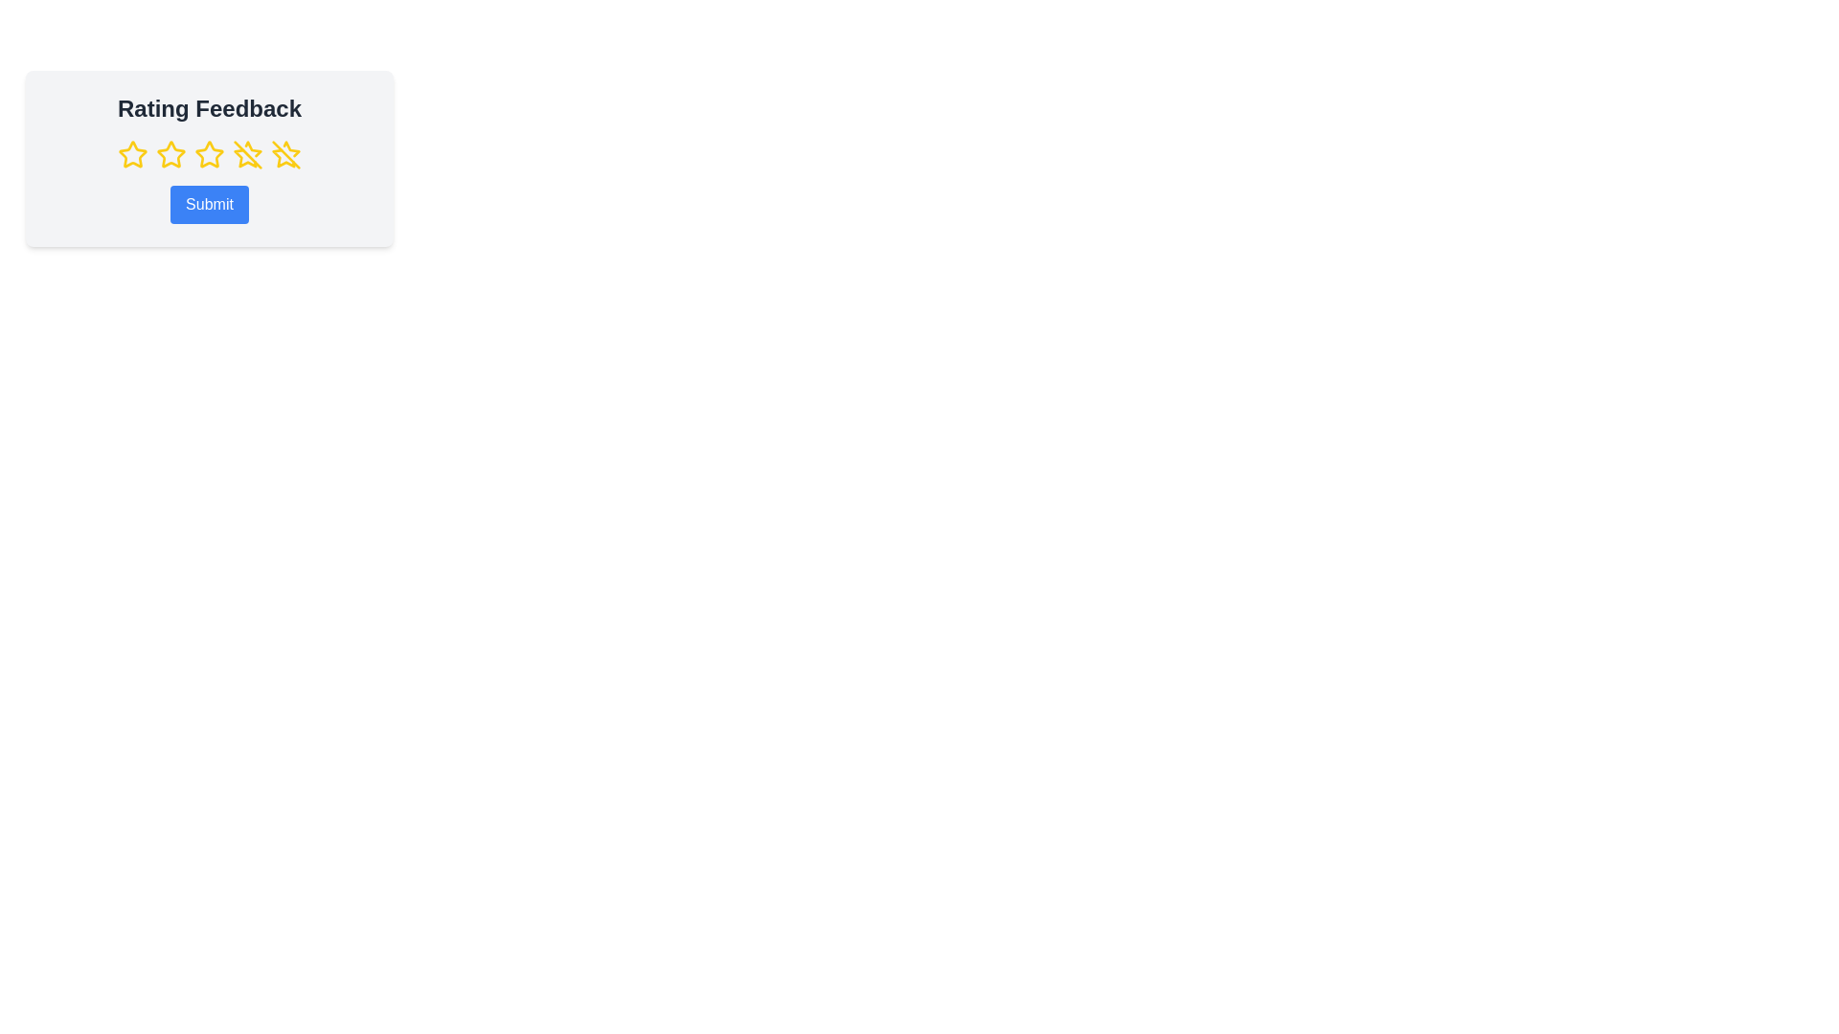 The image size is (1839, 1034). I want to click on the third clickable star icon, so click(210, 154).